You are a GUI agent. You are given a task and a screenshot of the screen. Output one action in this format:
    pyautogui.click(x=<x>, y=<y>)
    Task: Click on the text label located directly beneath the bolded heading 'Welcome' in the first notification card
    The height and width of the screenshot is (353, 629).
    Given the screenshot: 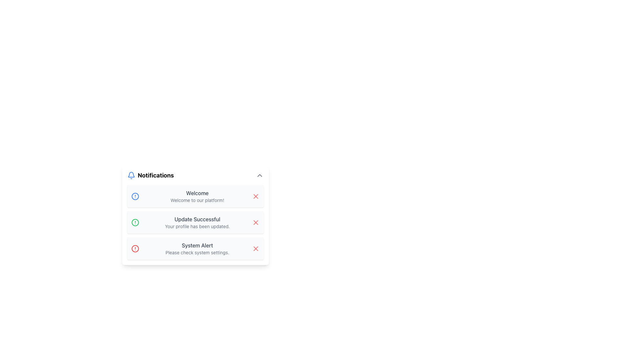 What is the action you would take?
    pyautogui.click(x=197, y=200)
    